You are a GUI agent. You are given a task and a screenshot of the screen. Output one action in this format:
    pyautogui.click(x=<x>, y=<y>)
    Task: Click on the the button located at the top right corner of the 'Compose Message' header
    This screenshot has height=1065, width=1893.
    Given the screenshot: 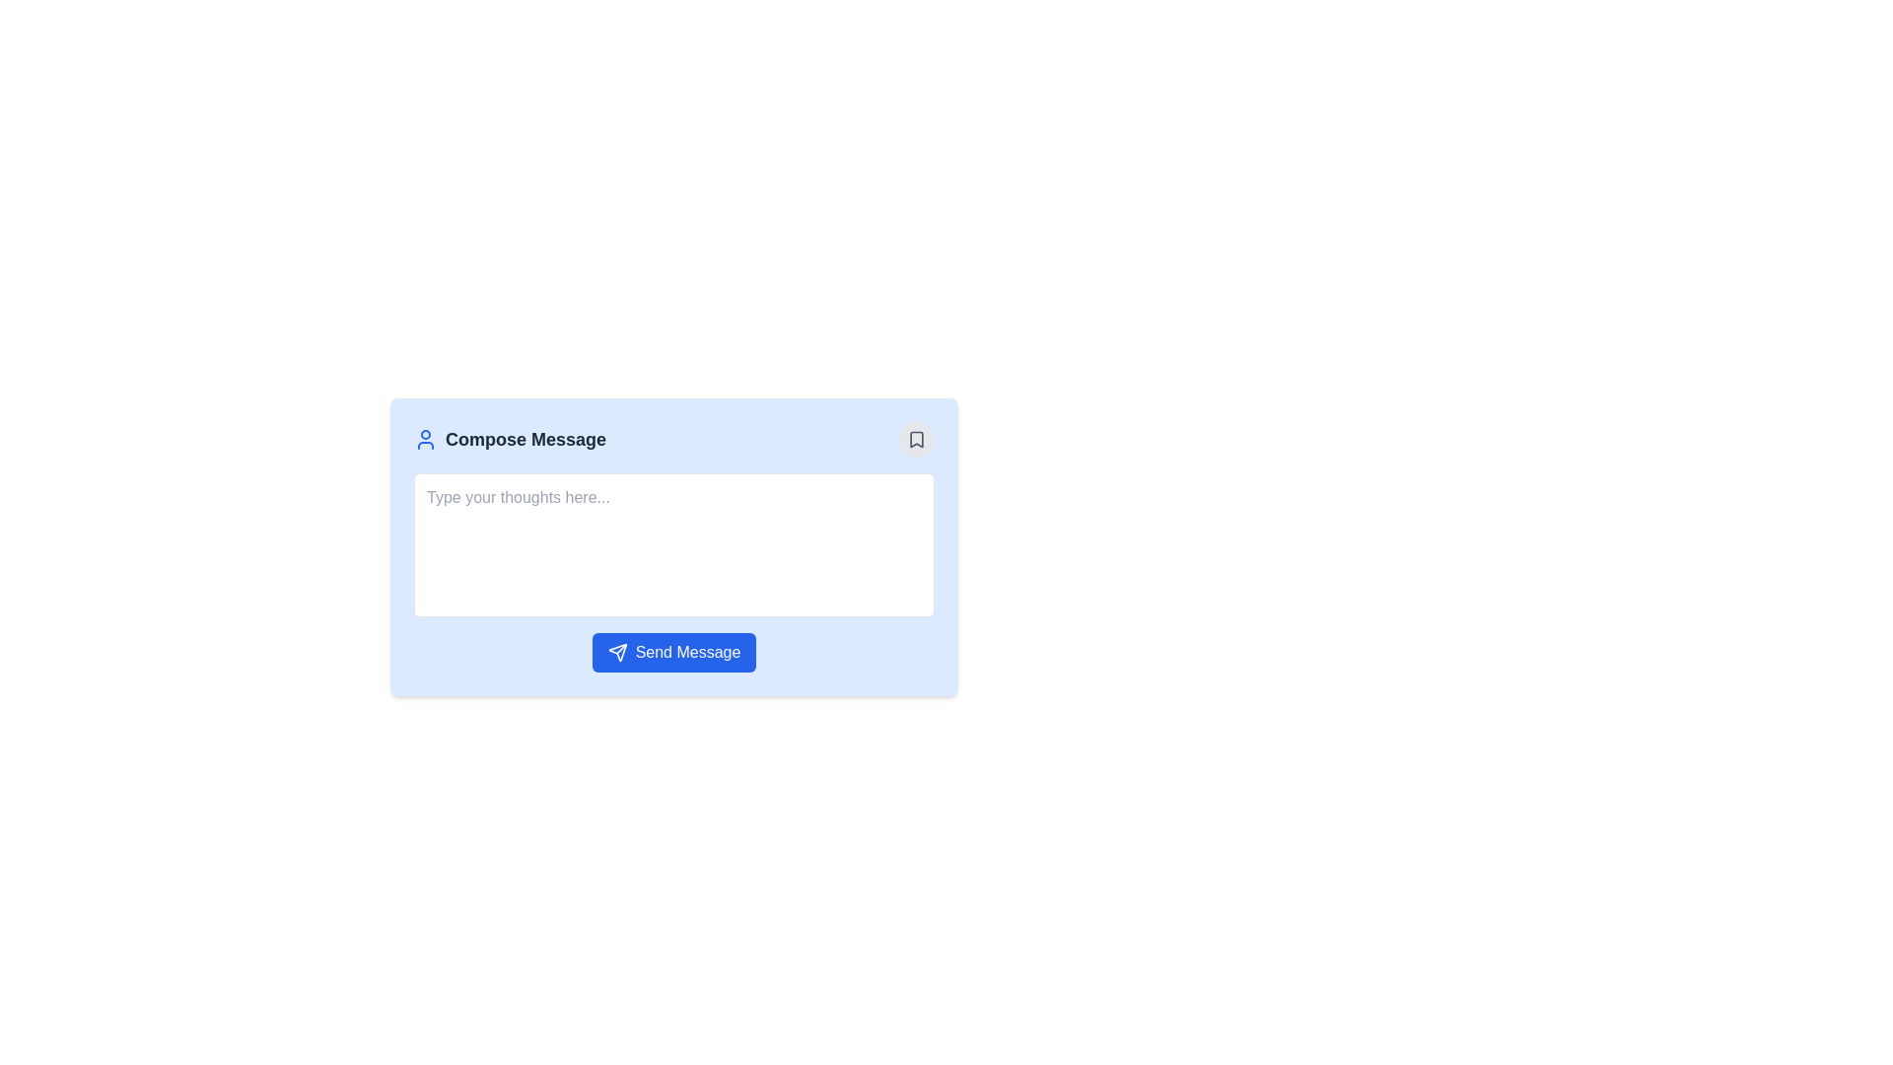 What is the action you would take?
    pyautogui.click(x=916, y=439)
    